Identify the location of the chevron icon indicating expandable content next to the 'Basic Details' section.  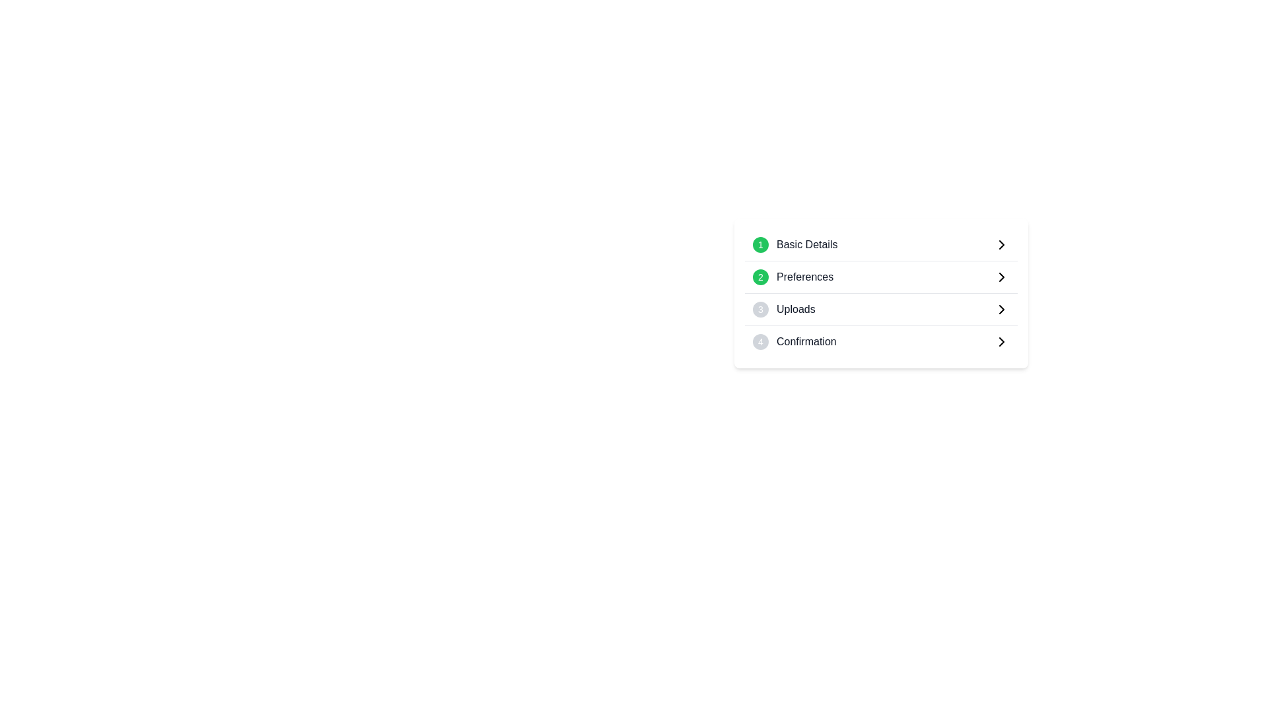
(1001, 244).